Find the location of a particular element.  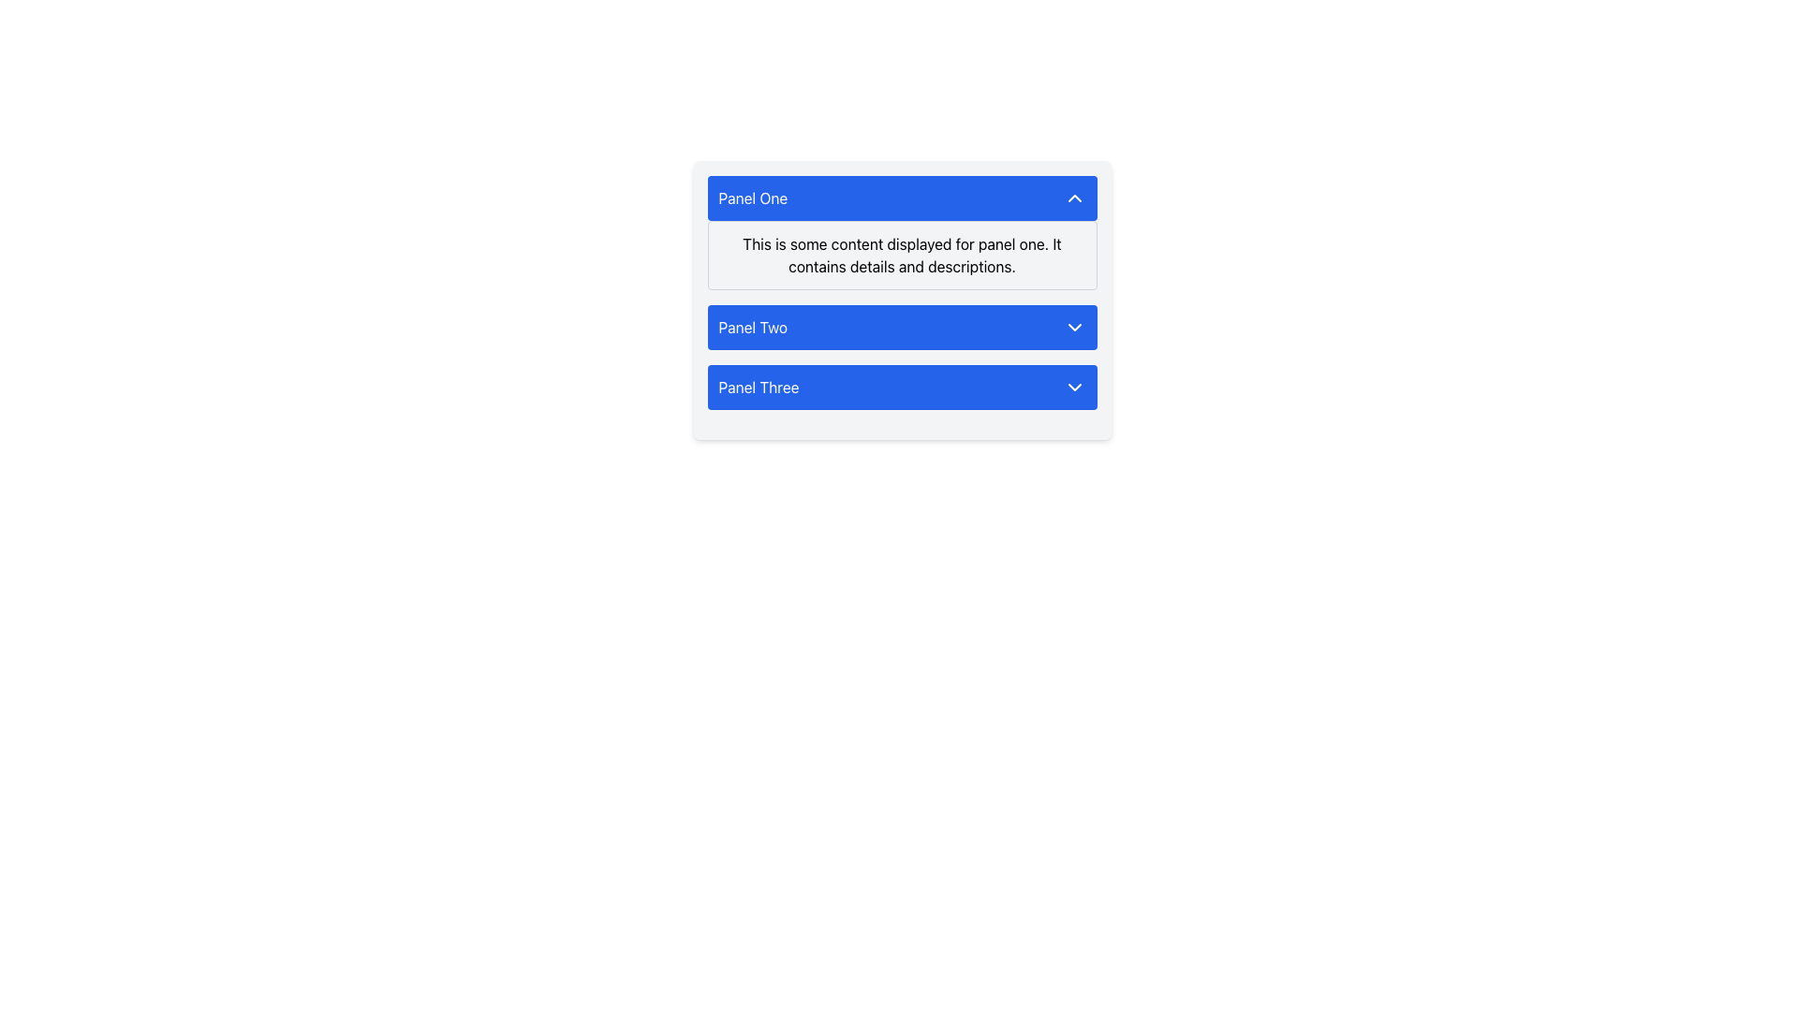

text label displaying 'Panel Three' in white on a blue background located in the bottom section of the grouped panel navigation layout is located at coordinates (759, 386).